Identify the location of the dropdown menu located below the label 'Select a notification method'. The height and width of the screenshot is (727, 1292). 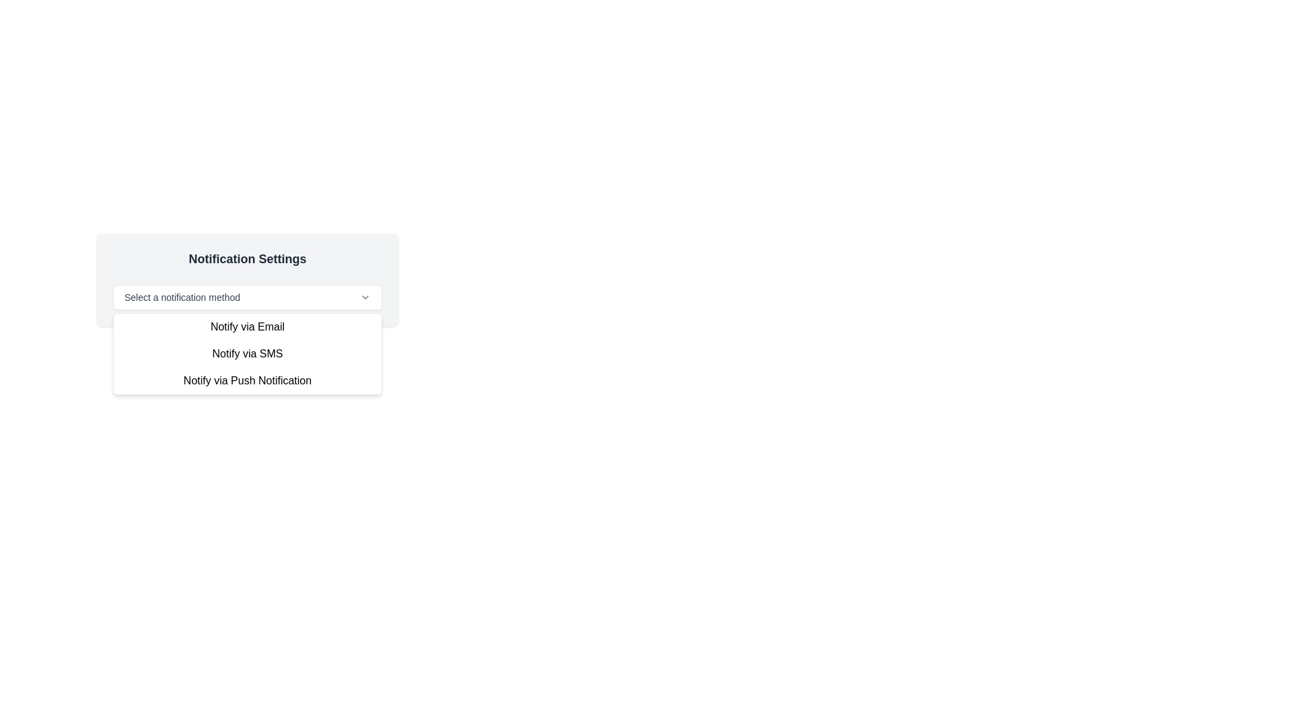
(248, 353).